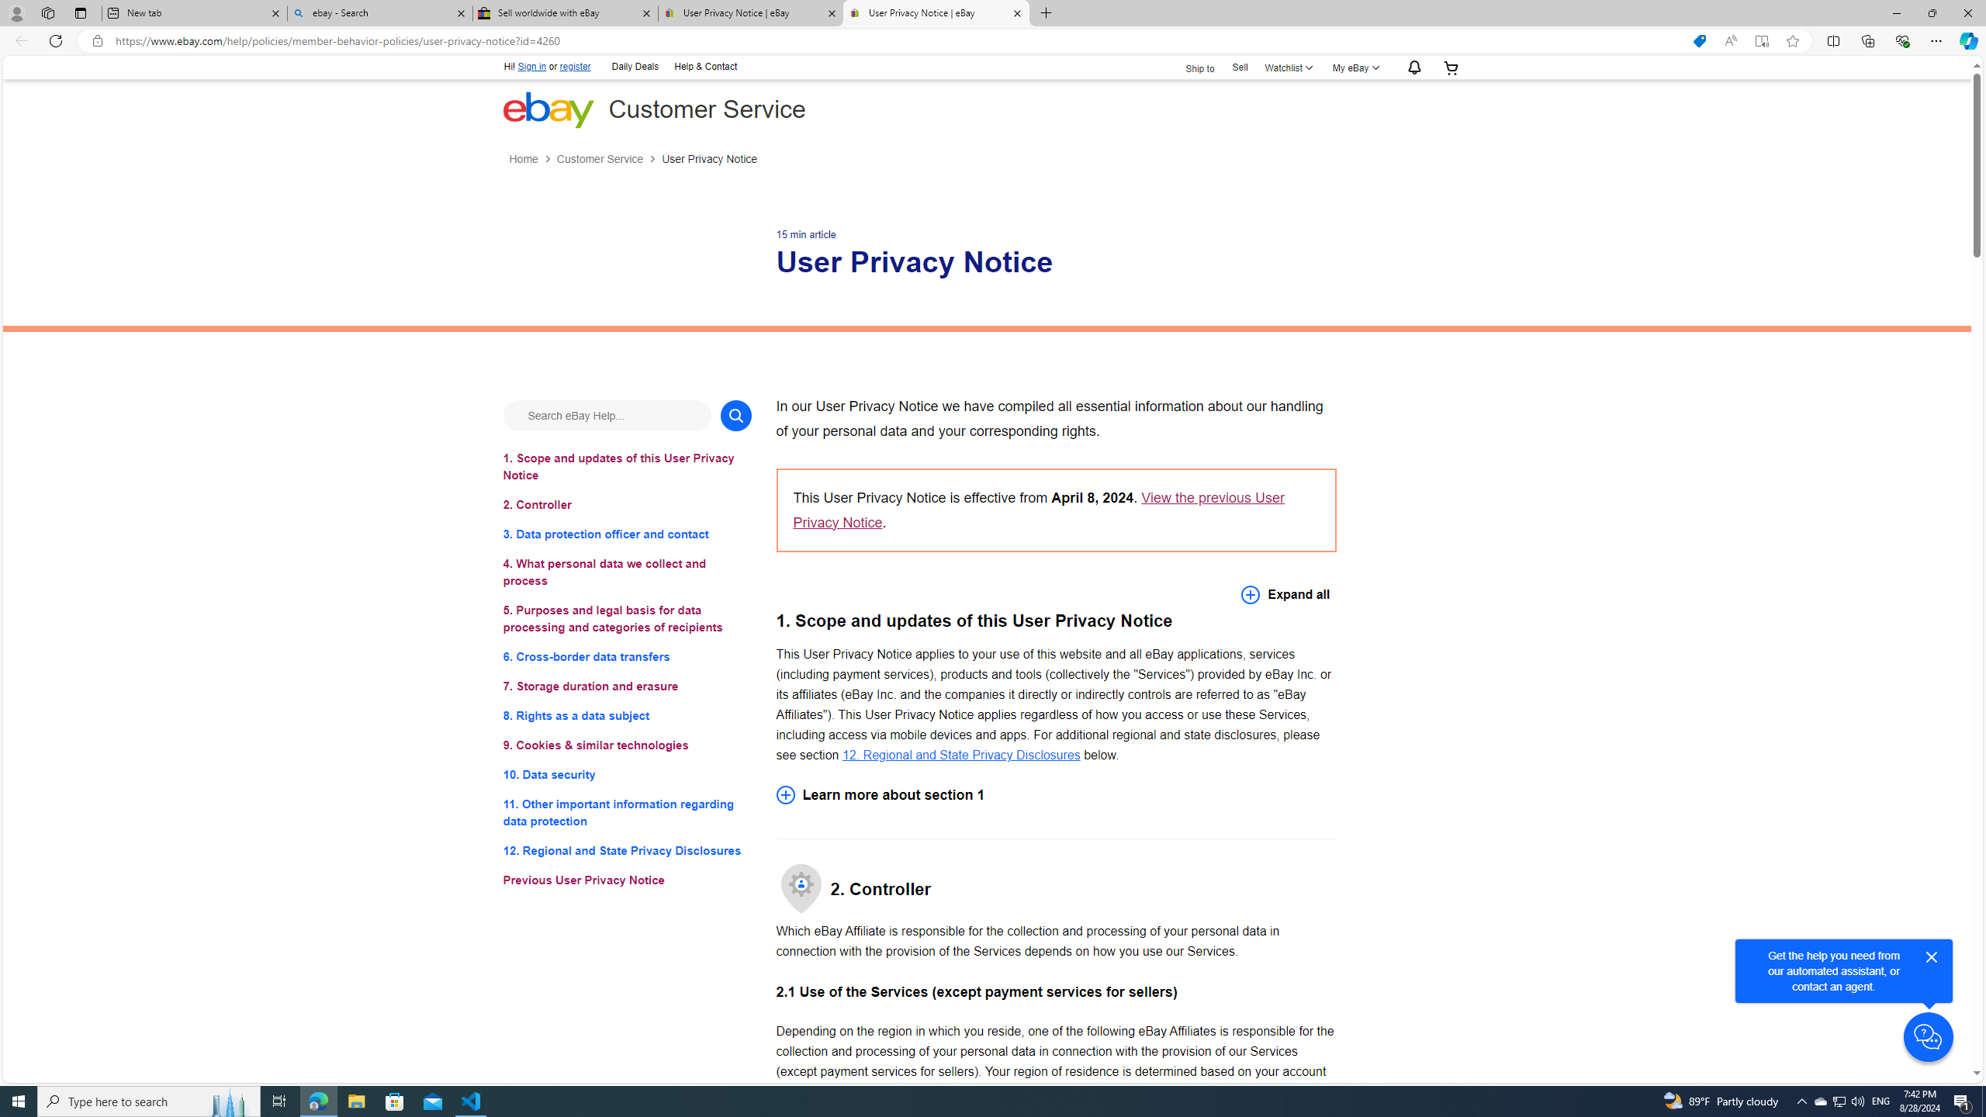  Describe the element at coordinates (709, 158) in the screenshot. I see `'User Privacy Notice'` at that location.